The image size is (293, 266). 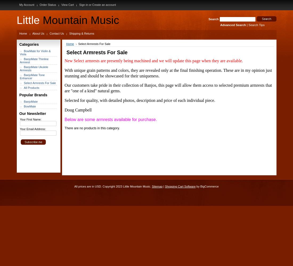 What do you see at coordinates (168, 73) in the screenshot?
I see `'These are in my opinion just stunning and should be showcased for their uniqueness.'` at bounding box center [168, 73].